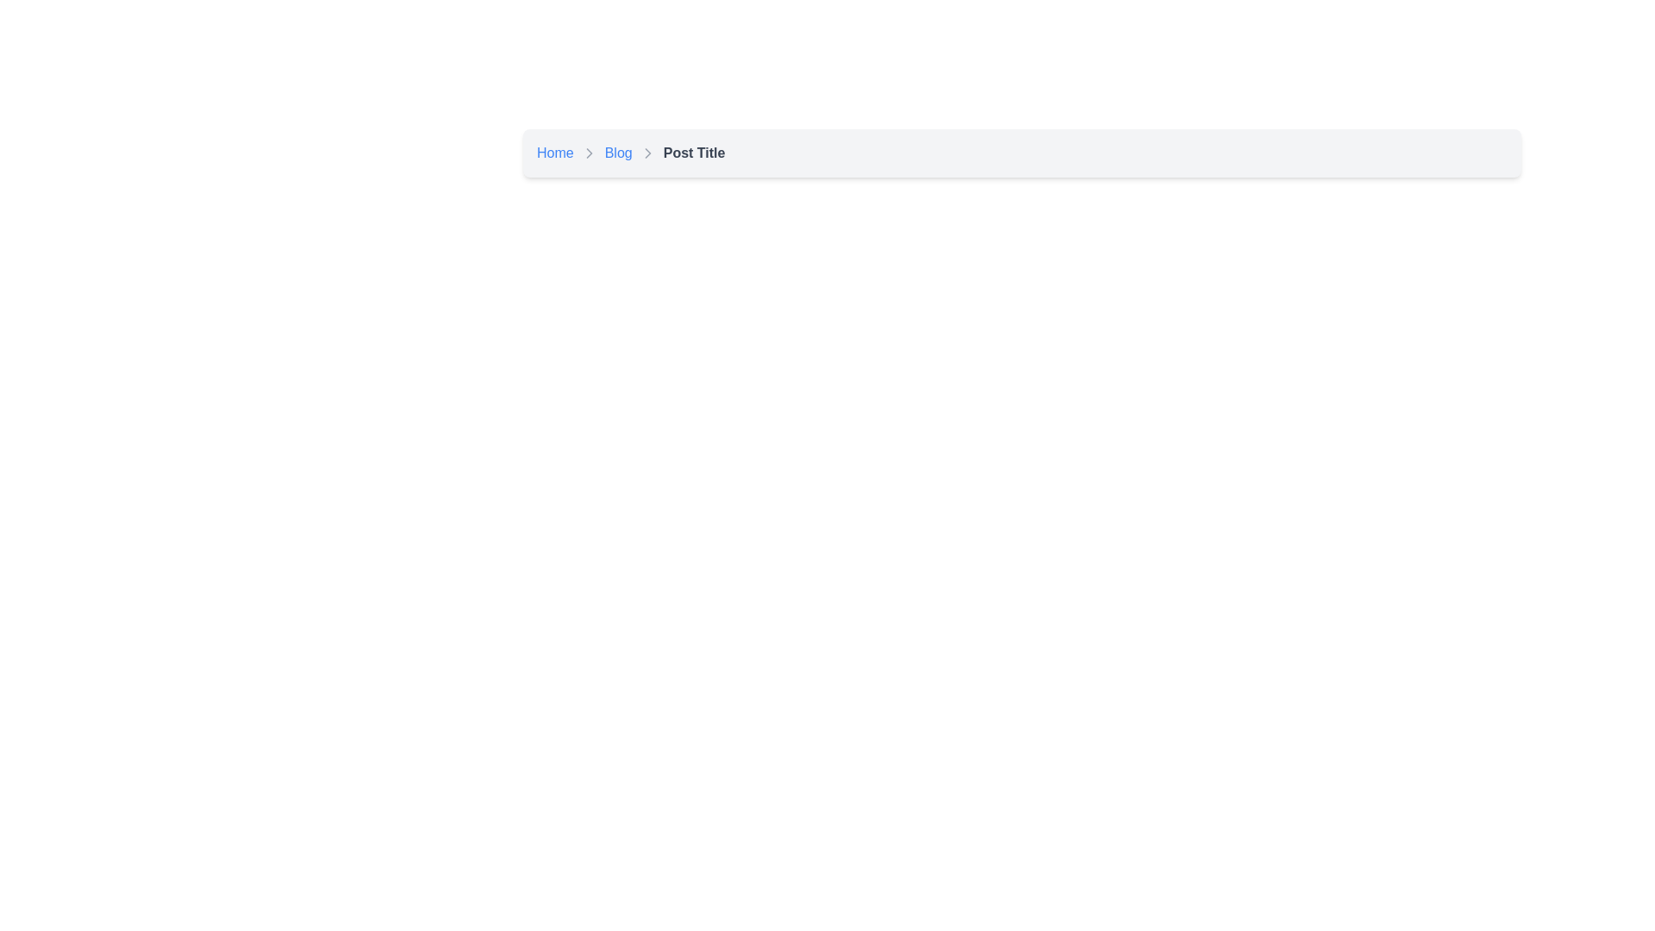  What do you see at coordinates (646, 152) in the screenshot?
I see `the second chevron-right separator in the breadcrumb navigation bar, which visually distinguishes the 'Blog' link from the 'Post Title' label` at bounding box center [646, 152].